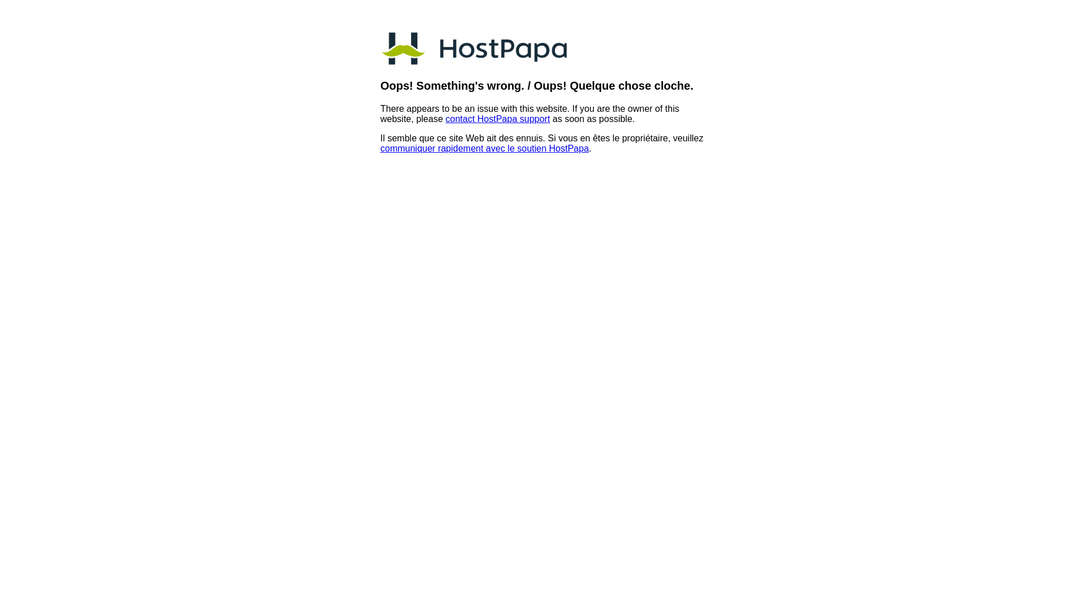 The width and height of the screenshot is (1090, 613). I want to click on 'communiquer rapidement avec le soutien HostPapa', so click(484, 148).